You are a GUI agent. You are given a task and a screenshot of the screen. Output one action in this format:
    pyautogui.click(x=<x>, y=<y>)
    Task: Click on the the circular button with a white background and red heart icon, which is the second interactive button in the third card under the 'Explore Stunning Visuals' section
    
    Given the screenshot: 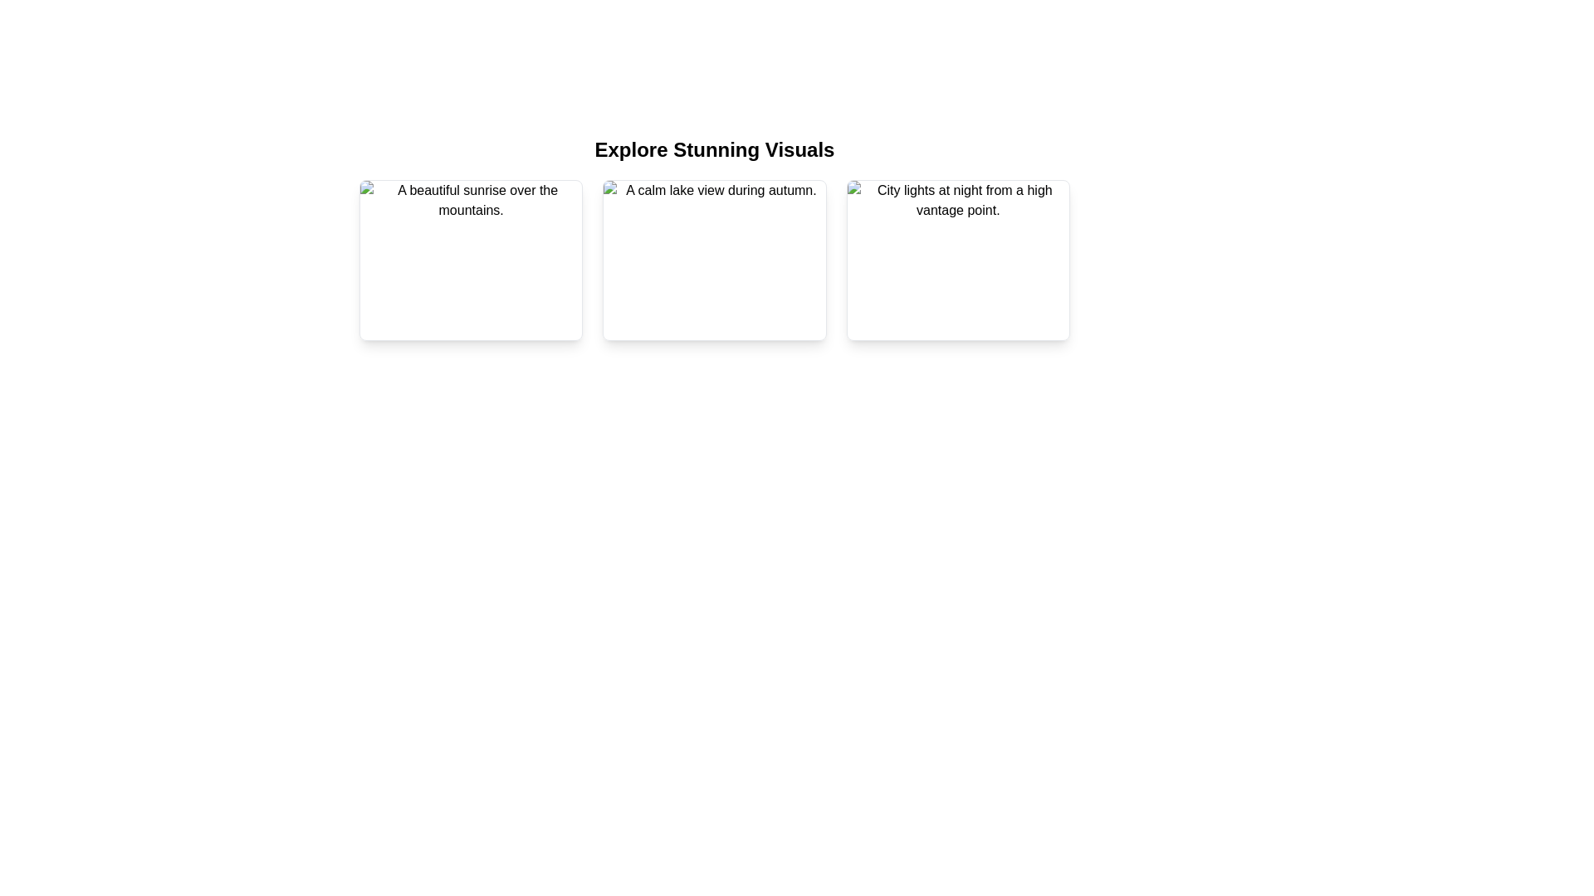 What is the action you would take?
    pyautogui.click(x=904, y=322)
    